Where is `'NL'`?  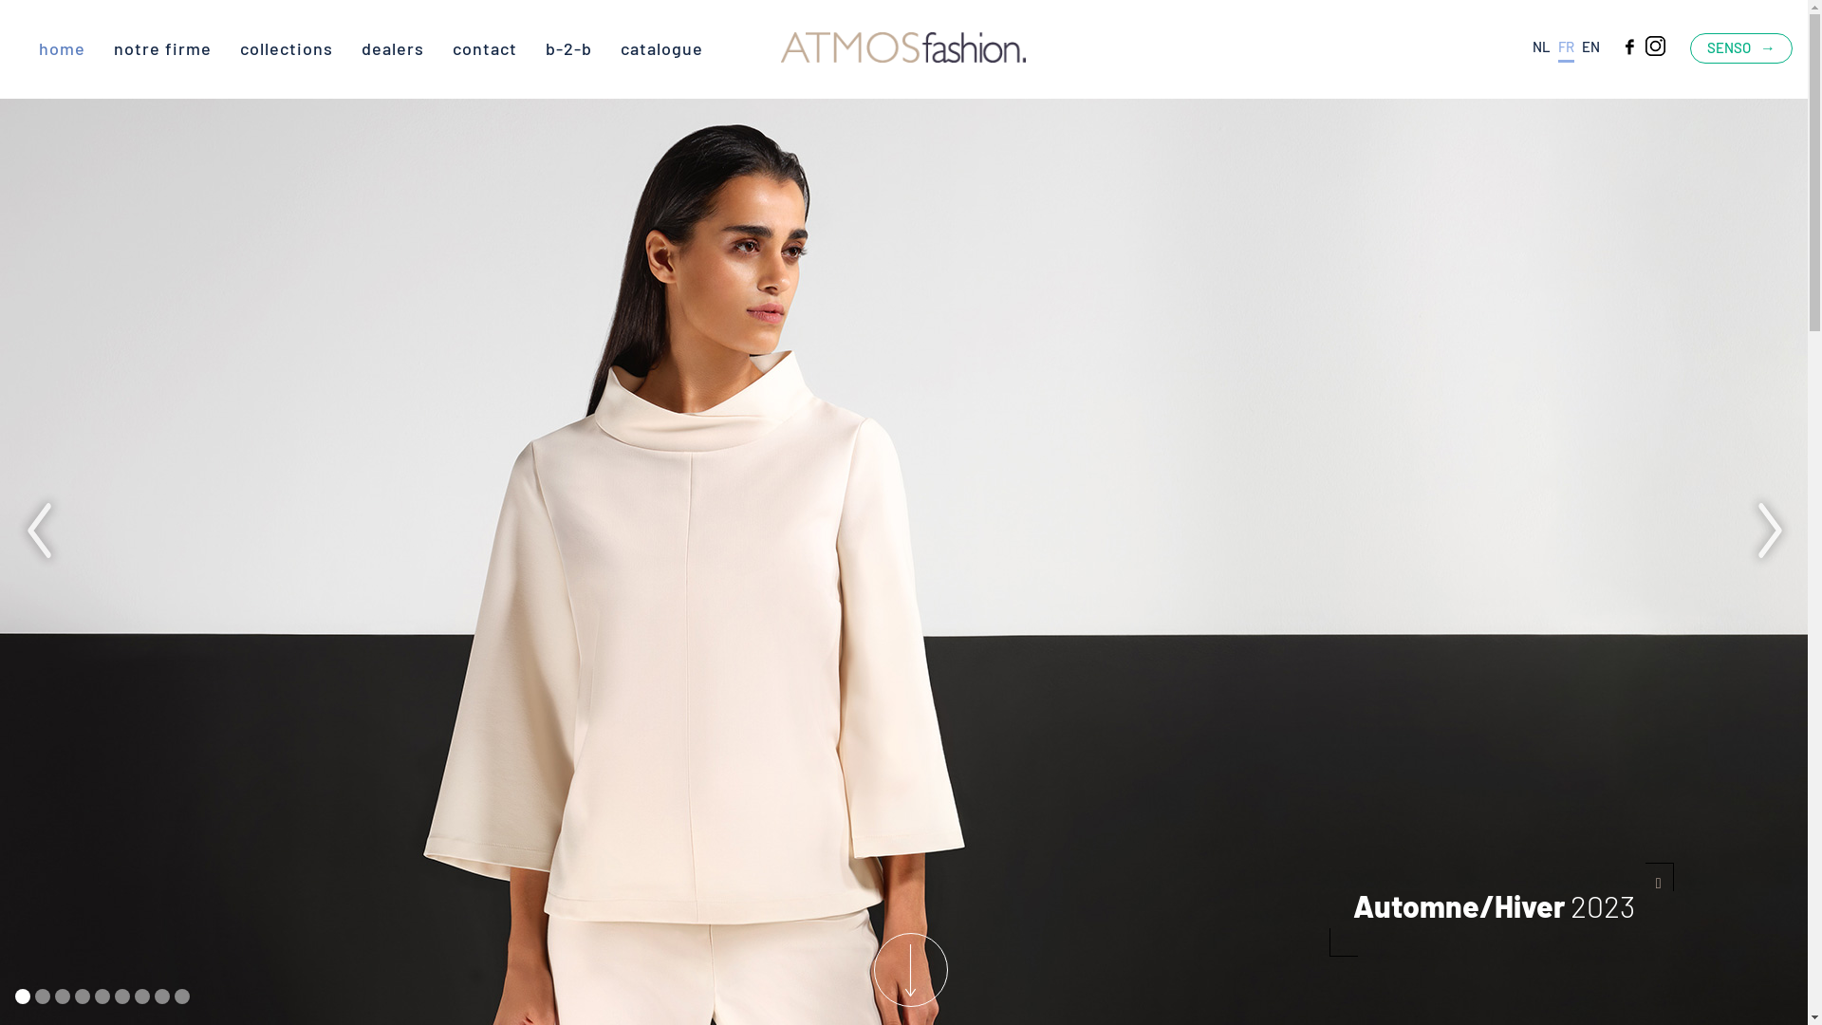
'NL' is located at coordinates (1541, 46).